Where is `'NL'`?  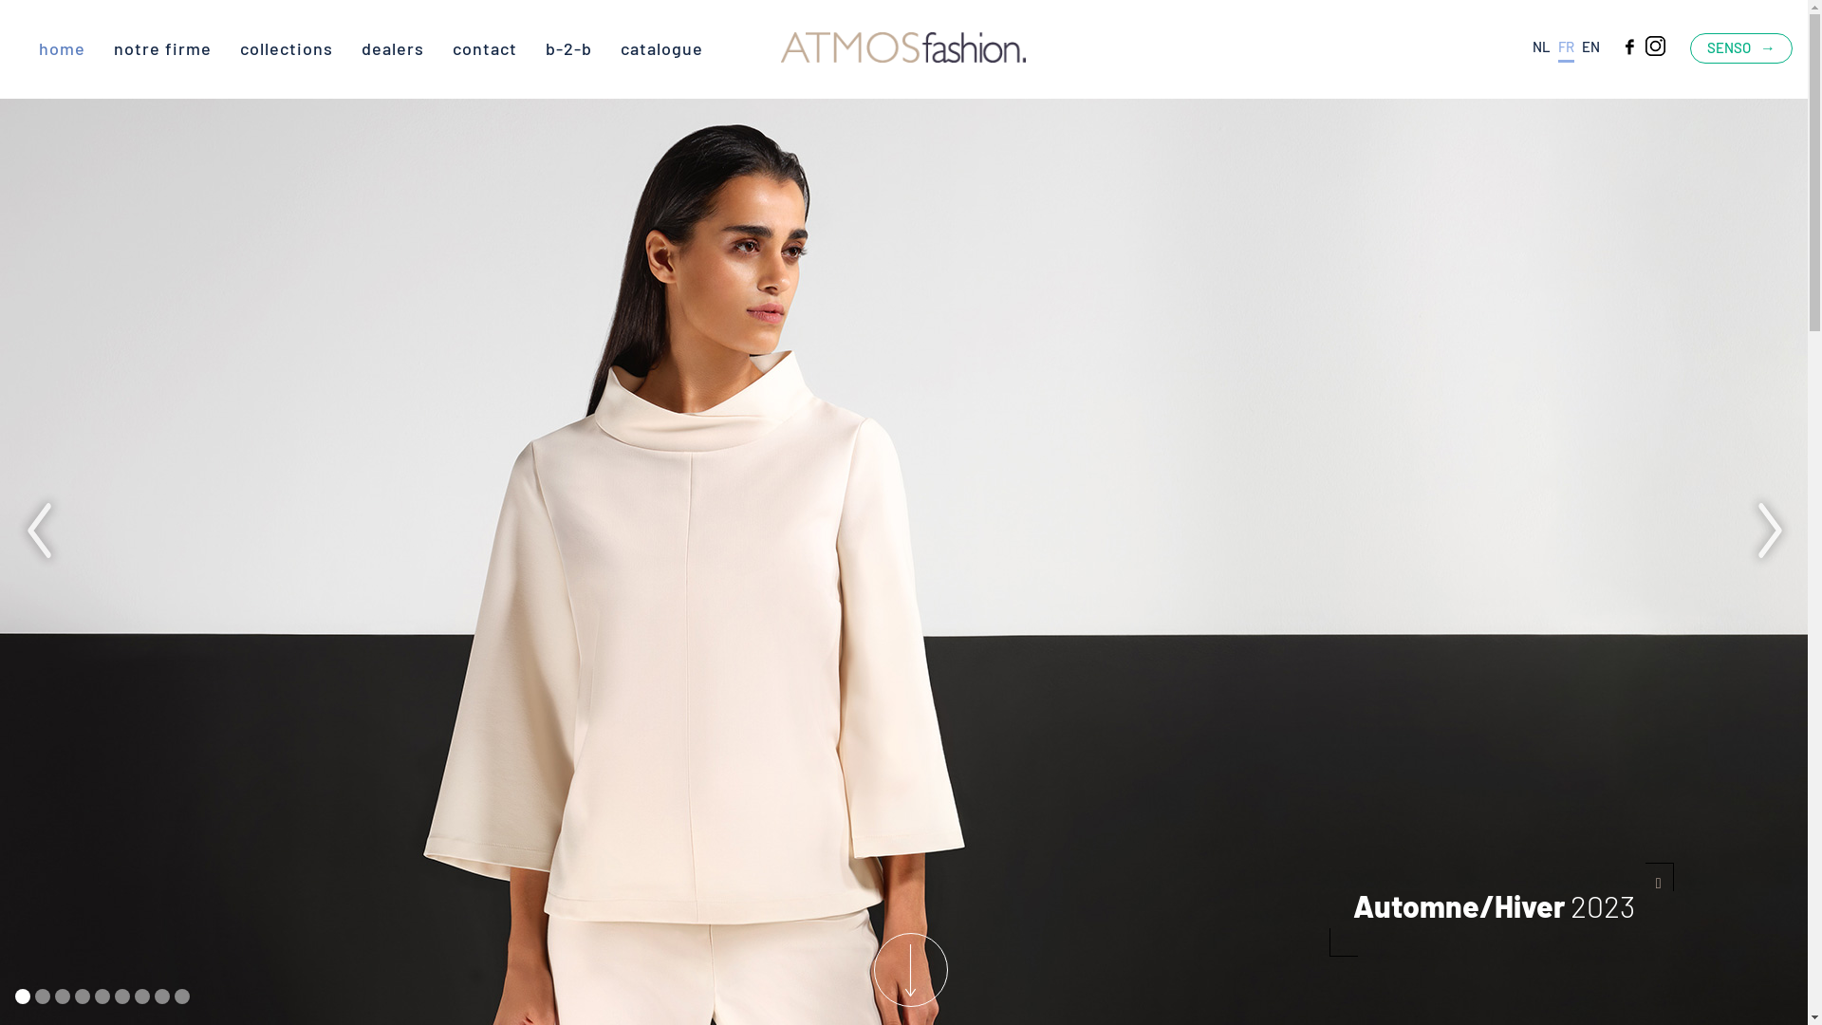
'NL' is located at coordinates (1541, 46).